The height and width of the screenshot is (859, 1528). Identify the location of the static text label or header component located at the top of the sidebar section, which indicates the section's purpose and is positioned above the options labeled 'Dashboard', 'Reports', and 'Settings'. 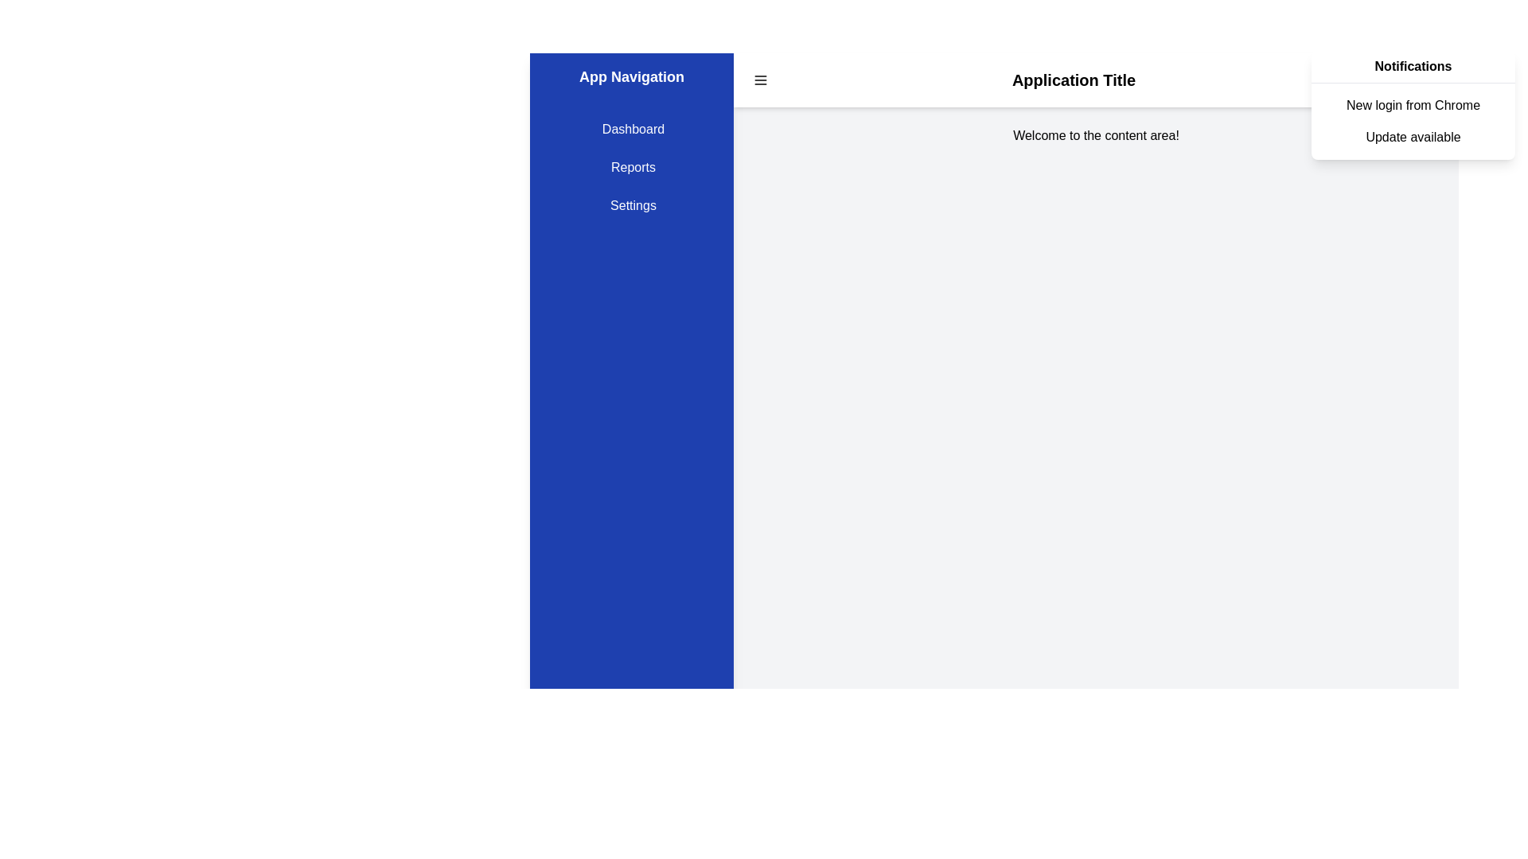
(630, 76).